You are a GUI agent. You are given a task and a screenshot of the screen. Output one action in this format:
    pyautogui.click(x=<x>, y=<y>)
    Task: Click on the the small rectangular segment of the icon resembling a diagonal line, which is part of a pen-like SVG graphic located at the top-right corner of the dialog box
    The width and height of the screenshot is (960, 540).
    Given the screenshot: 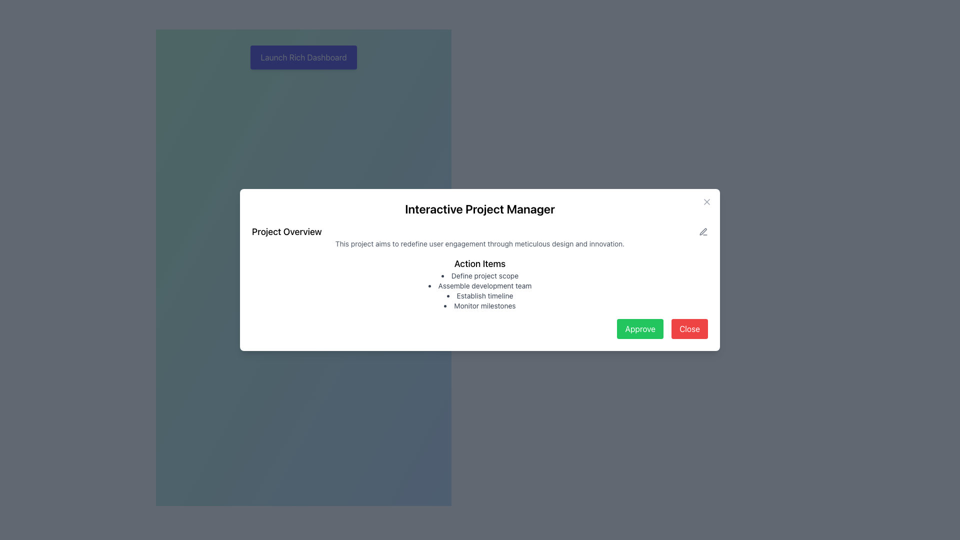 What is the action you would take?
    pyautogui.click(x=702, y=231)
    